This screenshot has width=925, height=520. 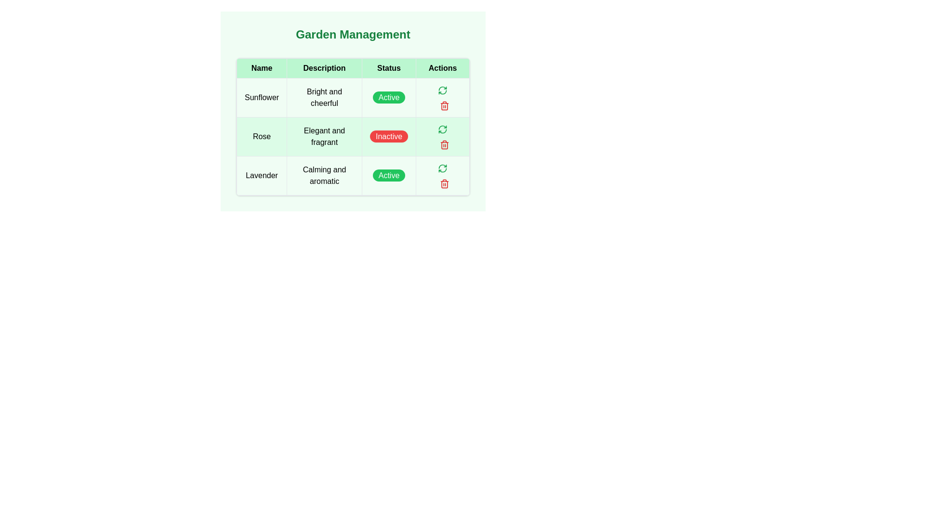 I want to click on the delete icon button located in the last column of the last row of the 'Garden Management' table, associated with the 'Lavender' entry to initiate the delete action, so click(x=444, y=183).